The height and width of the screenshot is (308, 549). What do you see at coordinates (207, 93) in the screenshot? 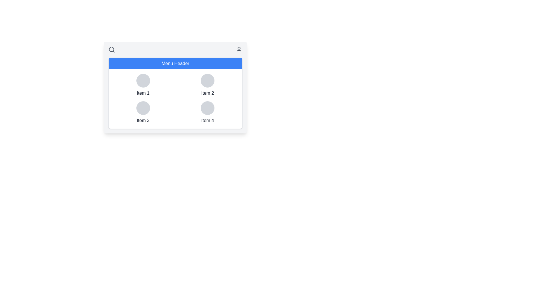
I see `second text label in the grid layout that describes the associated item, located directly below its corresponding circular icon and to the right of 'Item 1'` at bounding box center [207, 93].